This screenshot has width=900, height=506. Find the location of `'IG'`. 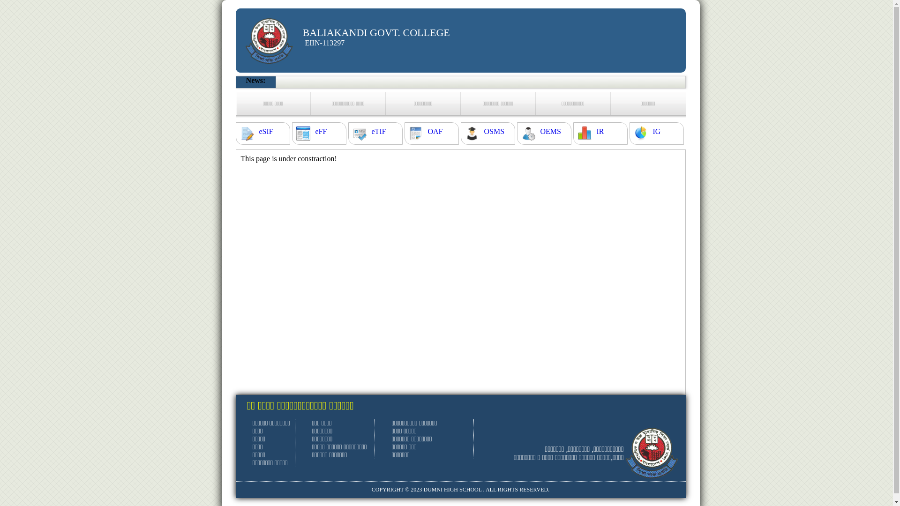

'IG' is located at coordinates (656, 132).